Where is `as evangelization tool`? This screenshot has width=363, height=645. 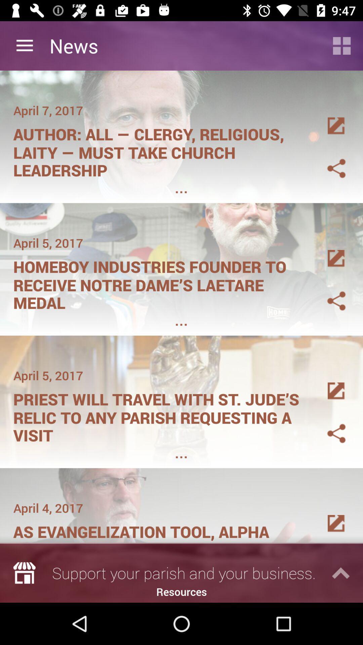
as evangelization tool is located at coordinates (160, 529).